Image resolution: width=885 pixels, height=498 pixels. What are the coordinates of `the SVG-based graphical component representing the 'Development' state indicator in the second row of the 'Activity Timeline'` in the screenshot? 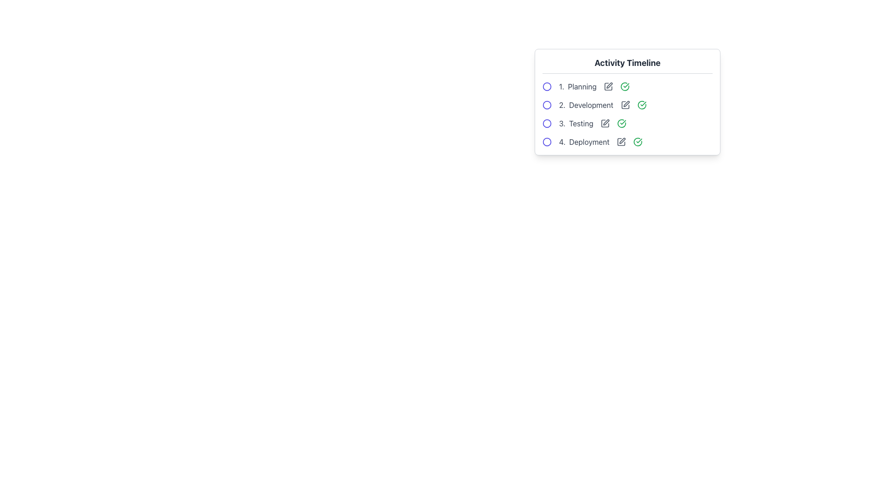 It's located at (547, 104).